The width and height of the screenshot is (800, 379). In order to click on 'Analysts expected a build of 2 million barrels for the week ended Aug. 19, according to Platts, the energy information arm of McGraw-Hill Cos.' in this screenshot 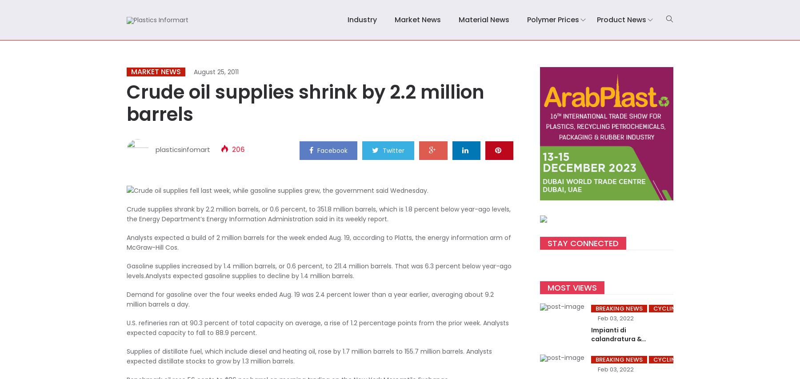, I will do `click(318, 242)`.